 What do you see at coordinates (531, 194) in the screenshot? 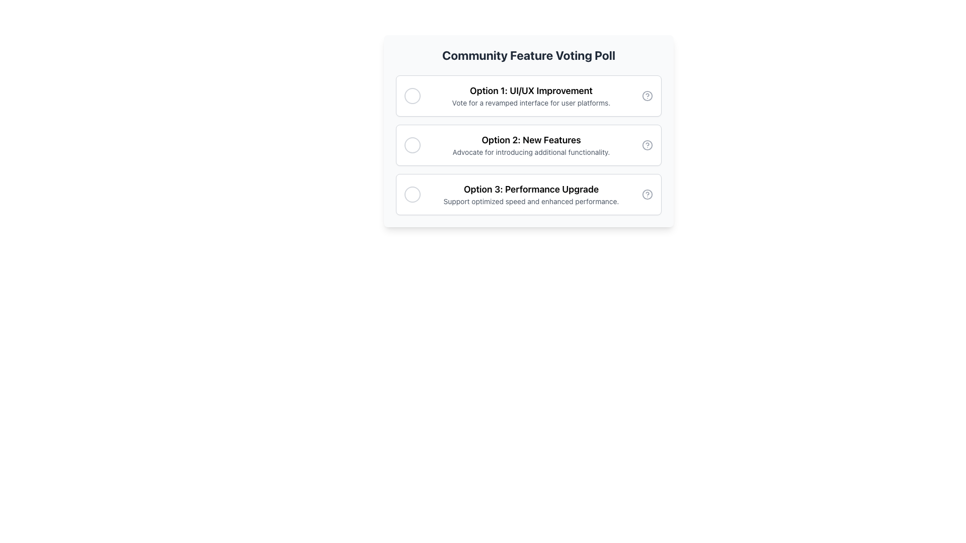
I see `the informational text block that reads 'Option 3: Performance Upgrade' with supporting text 'Support optimized speed and enhanced performance.'` at bounding box center [531, 194].